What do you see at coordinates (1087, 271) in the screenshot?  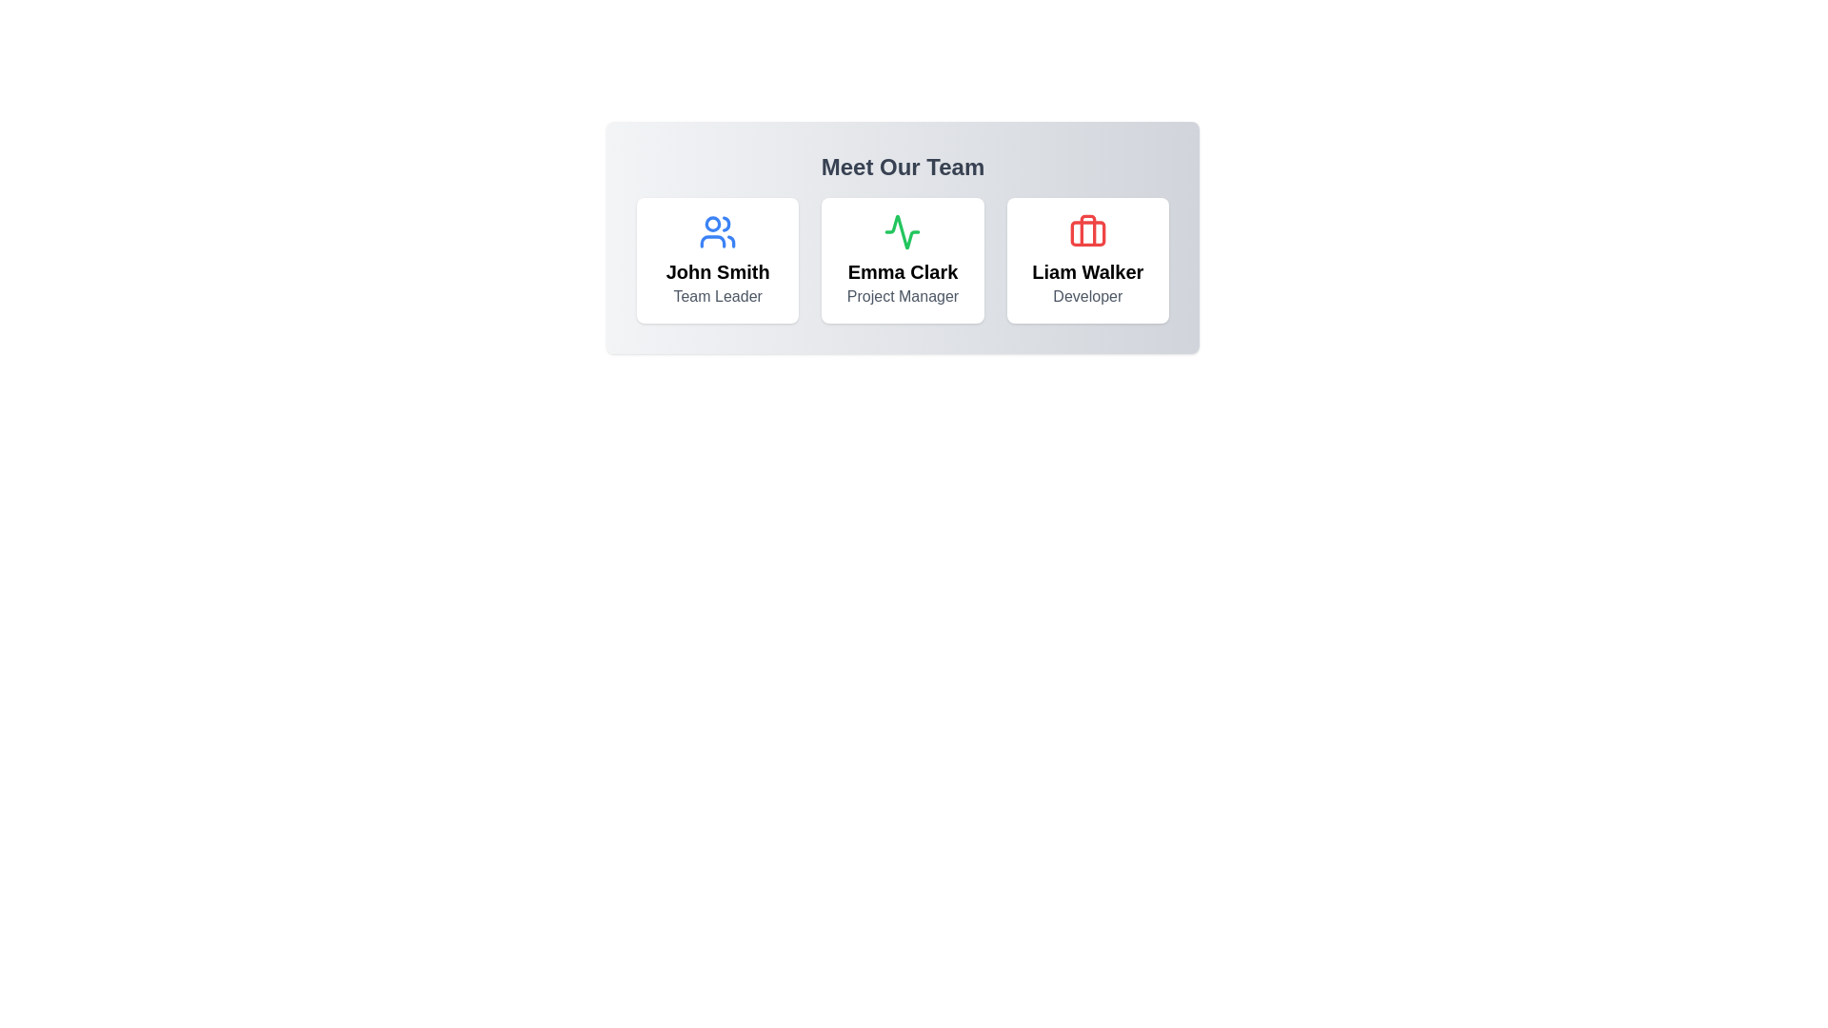 I see `text displayed by the Text Display element that shows 'Liam Walker', located in the rightmost card beneath the briefcase icon and above the 'Developer' text` at bounding box center [1087, 271].